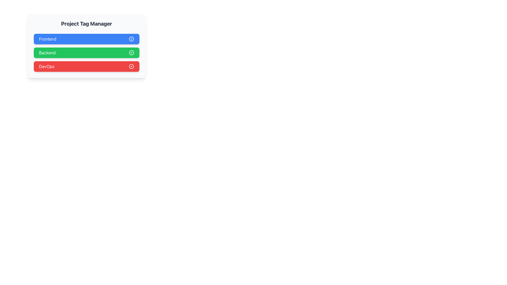 The height and width of the screenshot is (285, 507). Describe the element at coordinates (86, 39) in the screenshot. I see `the rectangular button labeled 'Frontend' with a blue background and a check mark icon located under the 'Project Tag Manager' title` at that location.